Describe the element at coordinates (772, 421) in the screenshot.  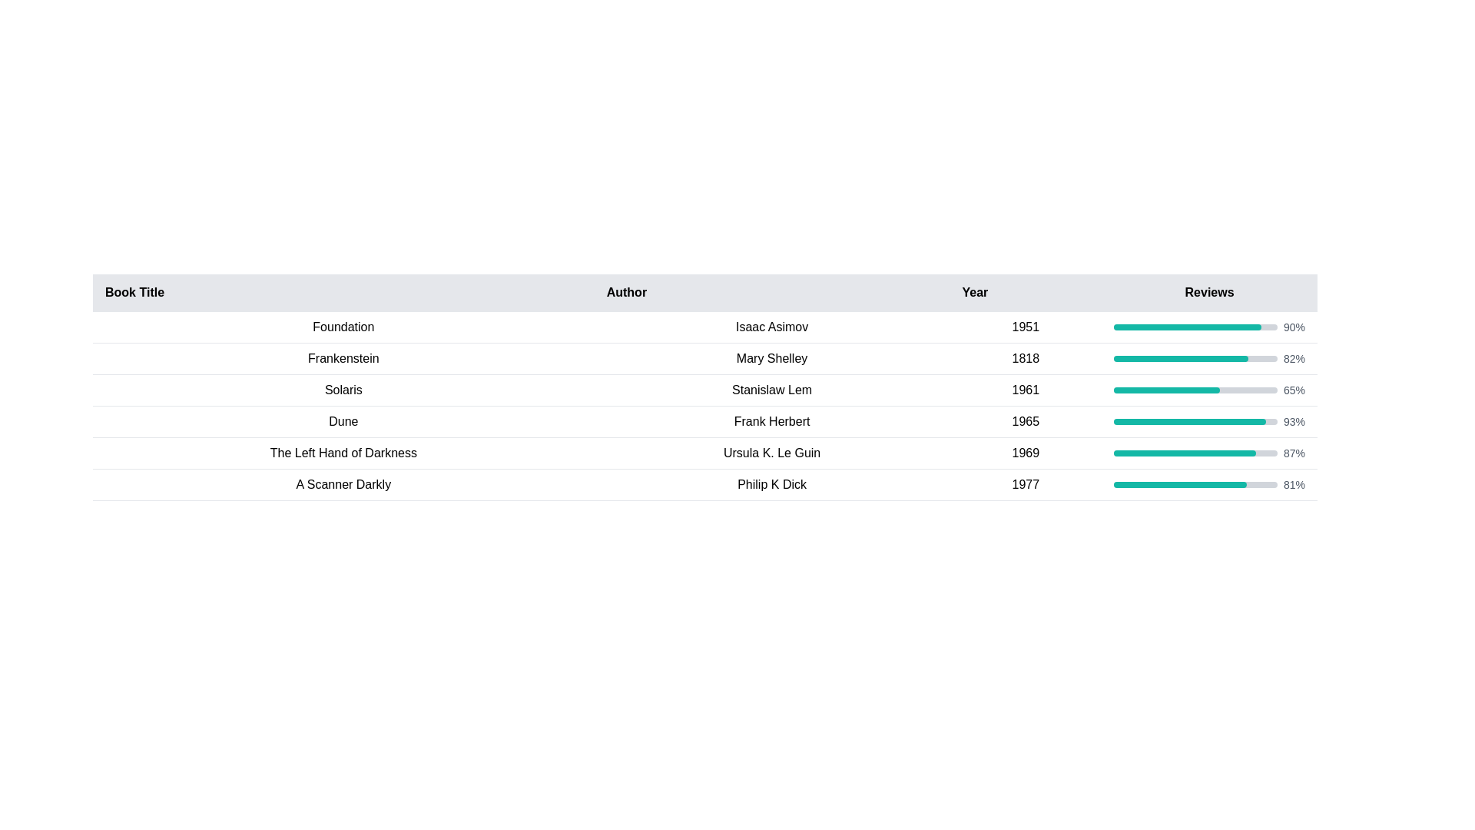
I see `the text label displaying 'Frank Herbert' in the Author column of the table layout, which is located next to the 'Dune' title in the same row` at that location.